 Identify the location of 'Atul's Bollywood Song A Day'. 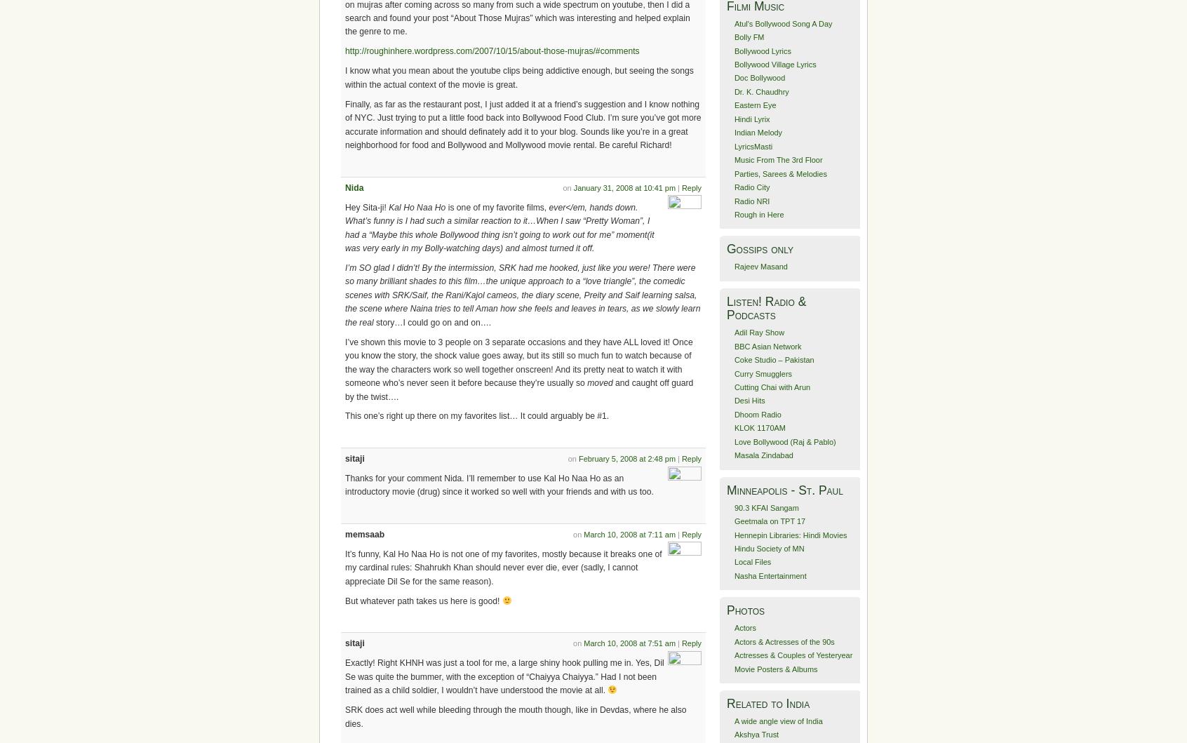
(783, 23).